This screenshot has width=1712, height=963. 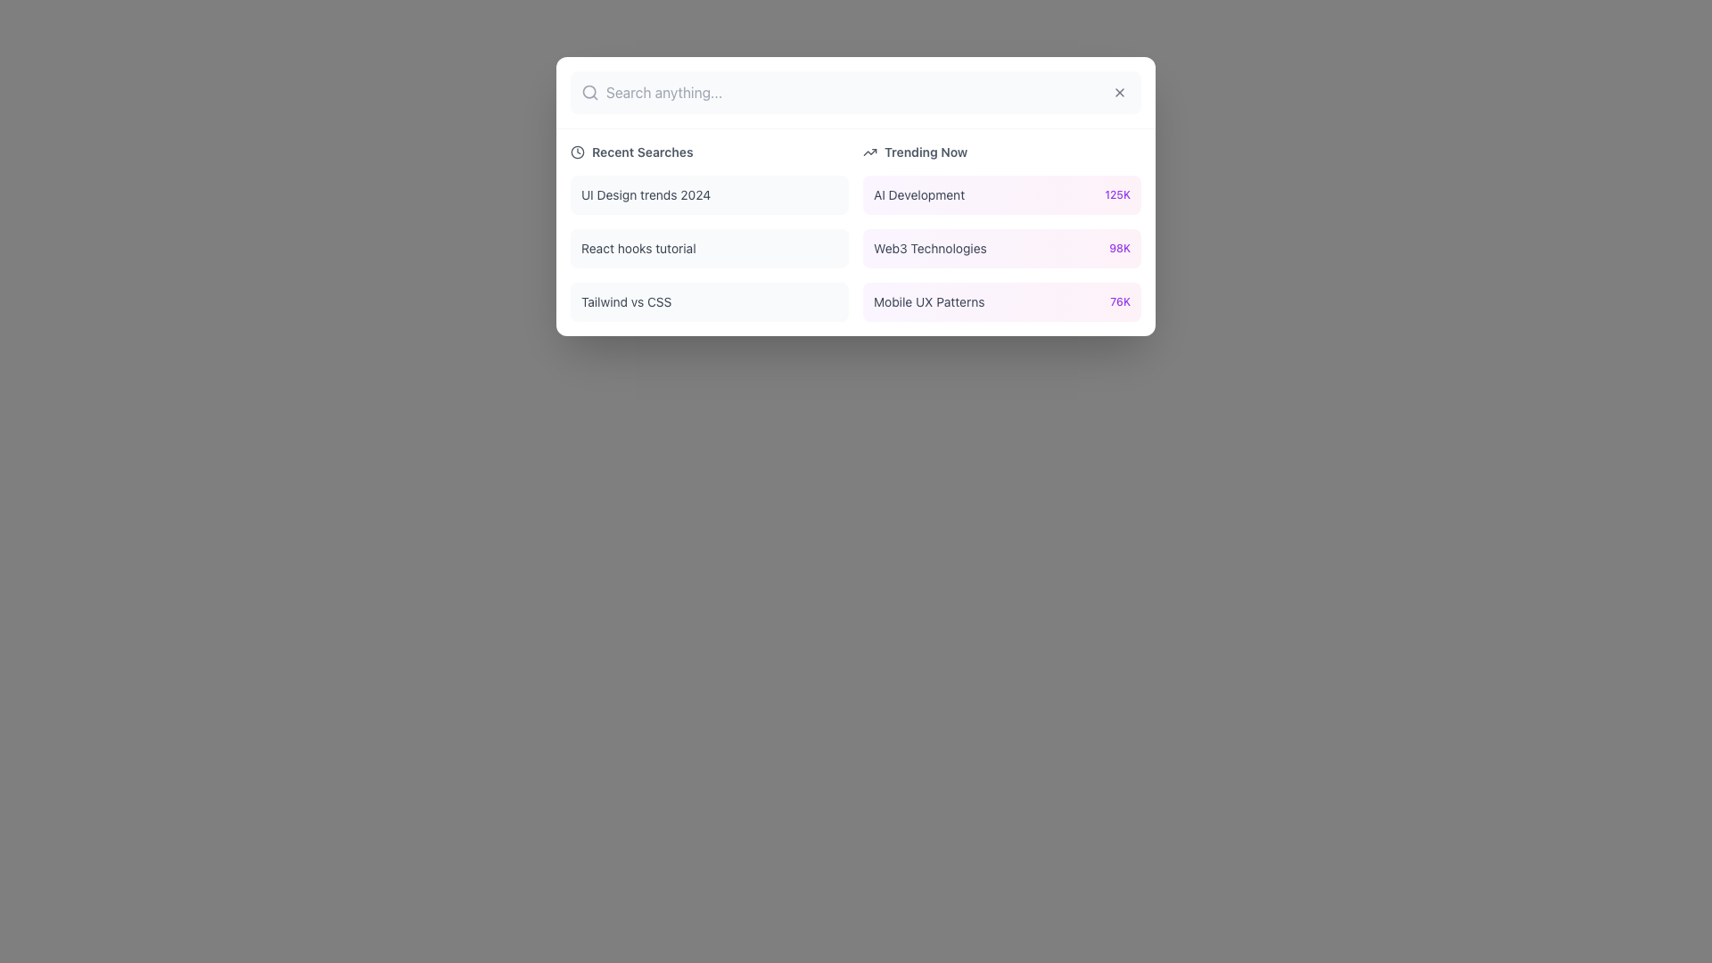 What do you see at coordinates (590, 93) in the screenshot?
I see `the small magnifying glass icon styled with thin, rounded strokes in a light gray color, which is positioned to the left of the large horizontal text input box for the search functionality` at bounding box center [590, 93].